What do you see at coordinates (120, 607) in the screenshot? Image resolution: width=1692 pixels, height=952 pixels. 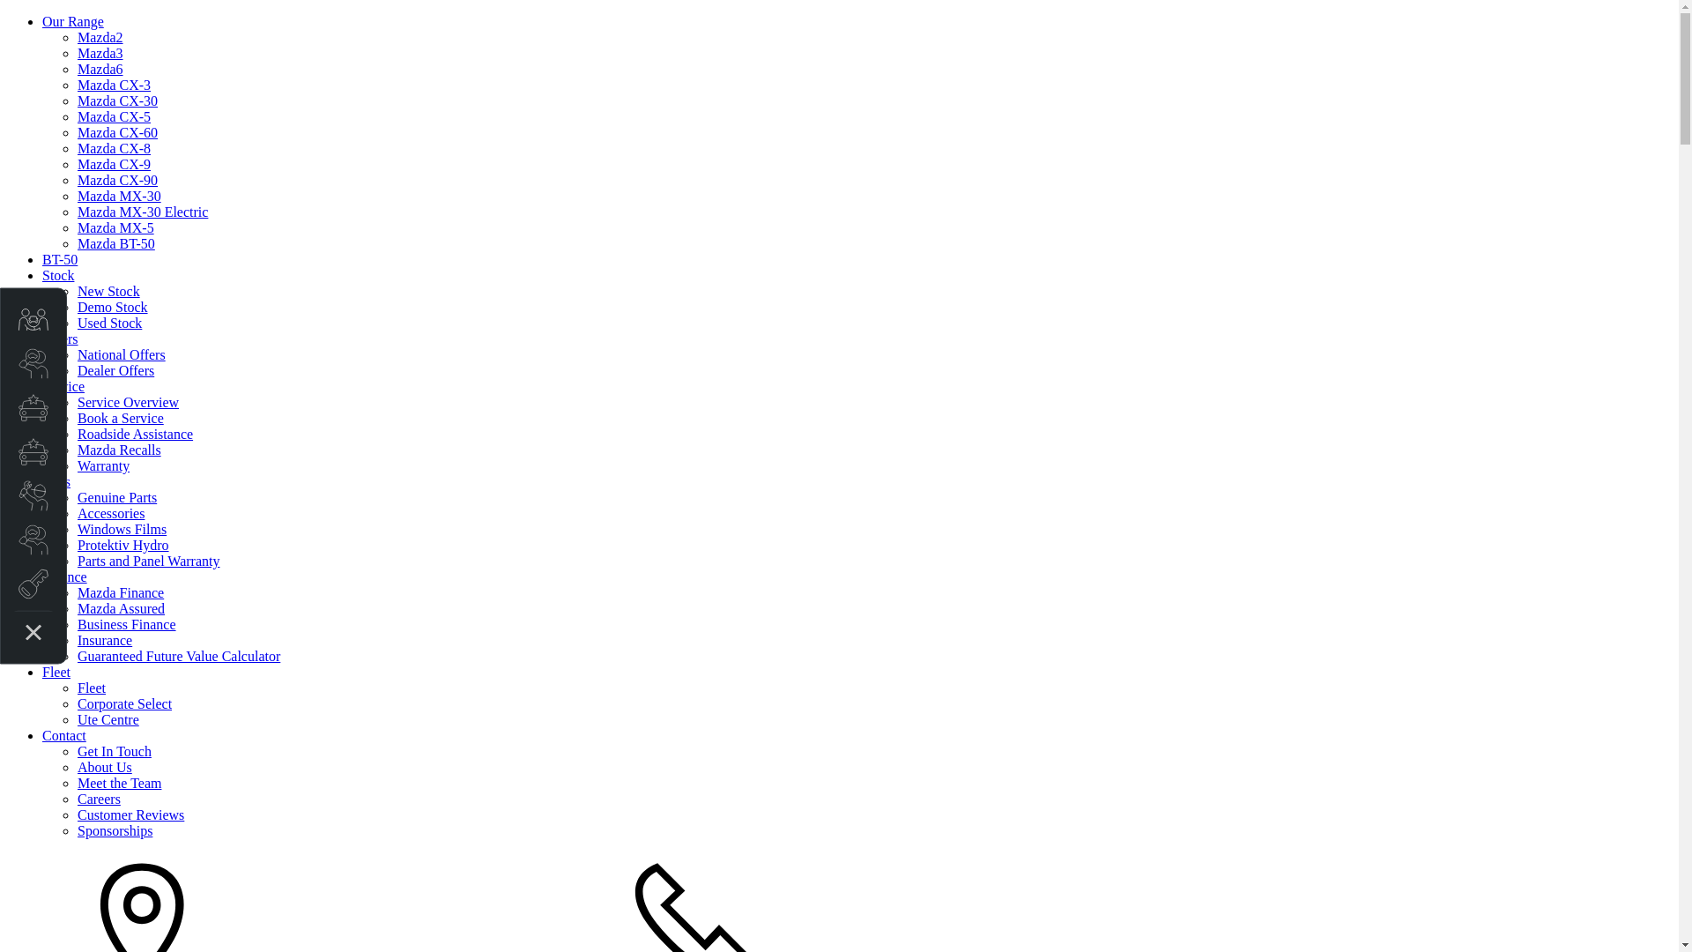 I see `'Mazda Assured'` at bounding box center [120, 607].